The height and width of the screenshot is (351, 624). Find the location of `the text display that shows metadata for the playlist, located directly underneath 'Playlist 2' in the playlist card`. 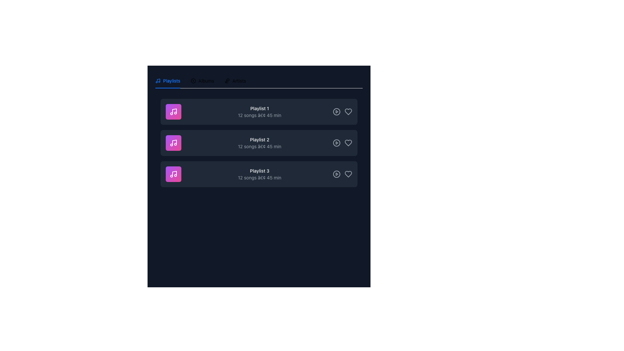

the text display that shows metadata for the playlist, located directly underneath 'Playlist 2' in the playlist card is located at coordinates (259, 147).